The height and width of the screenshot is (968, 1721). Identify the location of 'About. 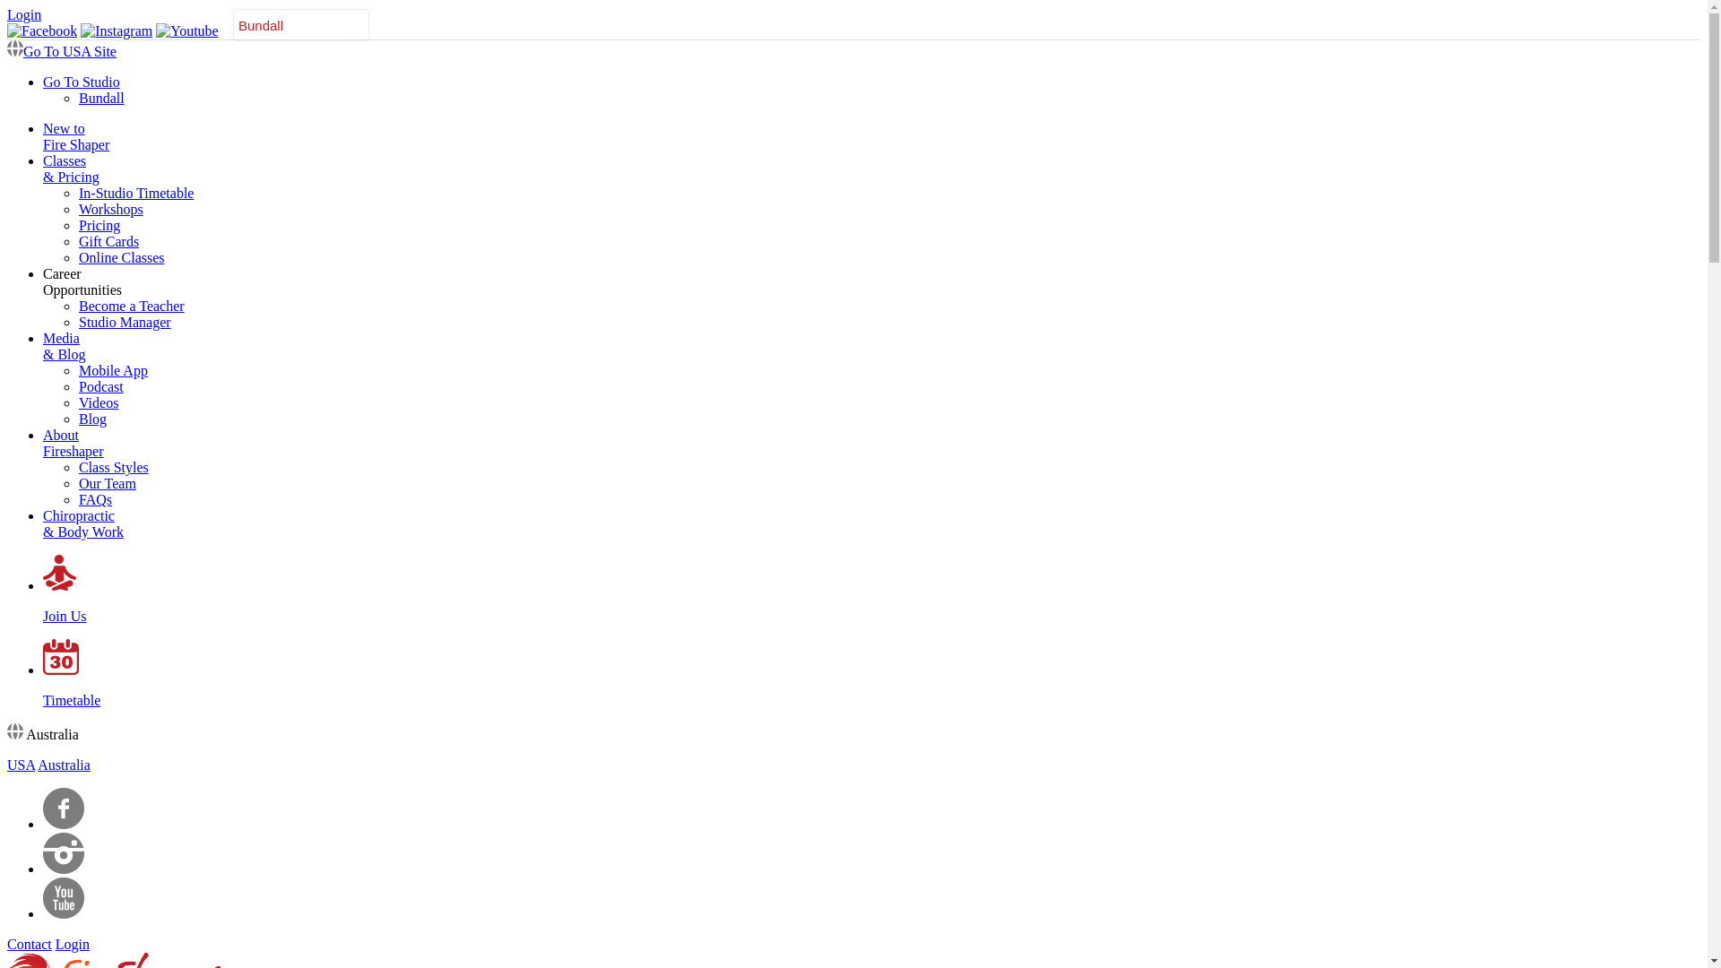
(72, 443).